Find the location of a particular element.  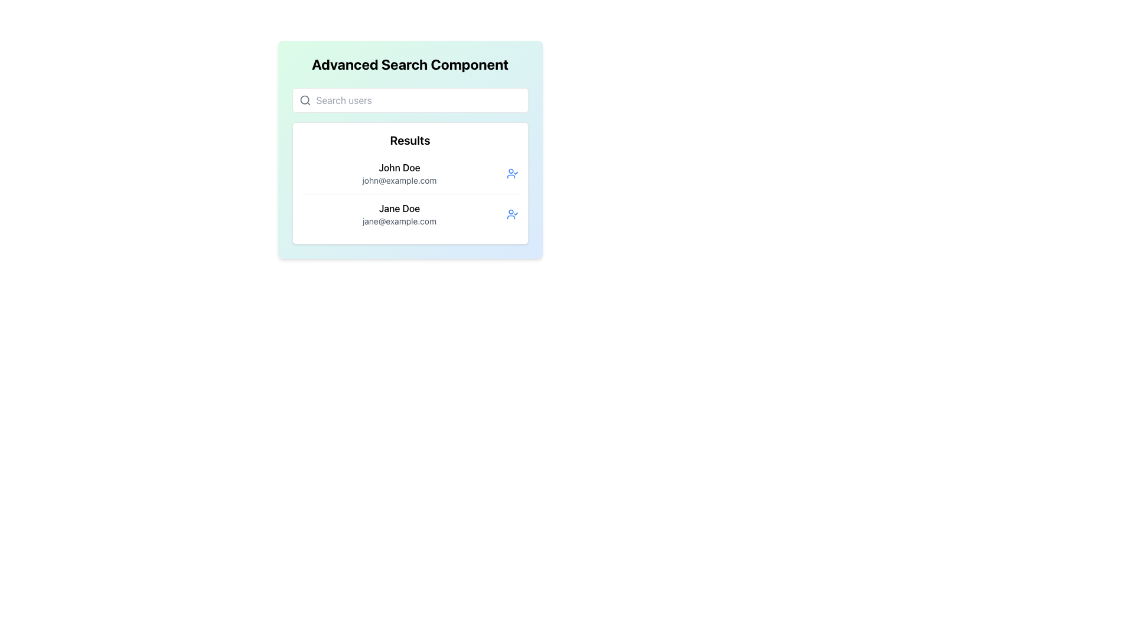

the search bar located within the 'Advanced Search Component' card is located at coordinates (410, 99).